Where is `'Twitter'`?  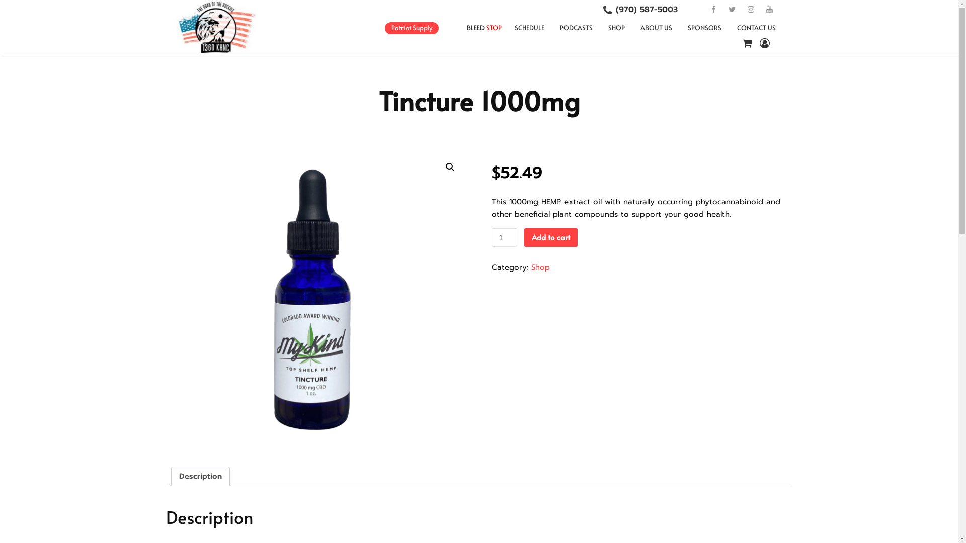
'Twitter' is located at coordinates (732, 10).